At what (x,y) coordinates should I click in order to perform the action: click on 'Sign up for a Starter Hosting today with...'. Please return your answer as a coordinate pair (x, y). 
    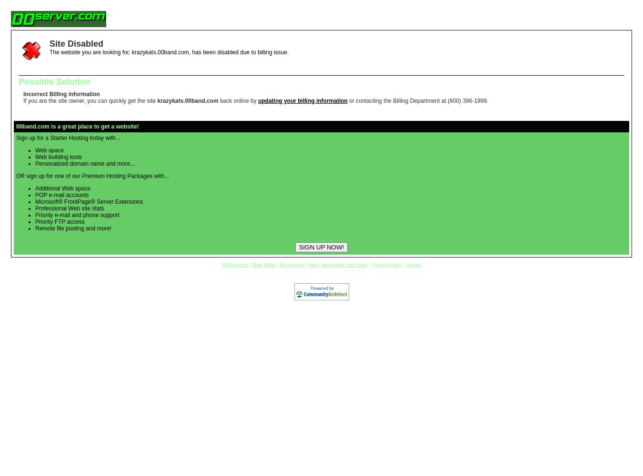
    Looking at the image, I should click on (68, 138).